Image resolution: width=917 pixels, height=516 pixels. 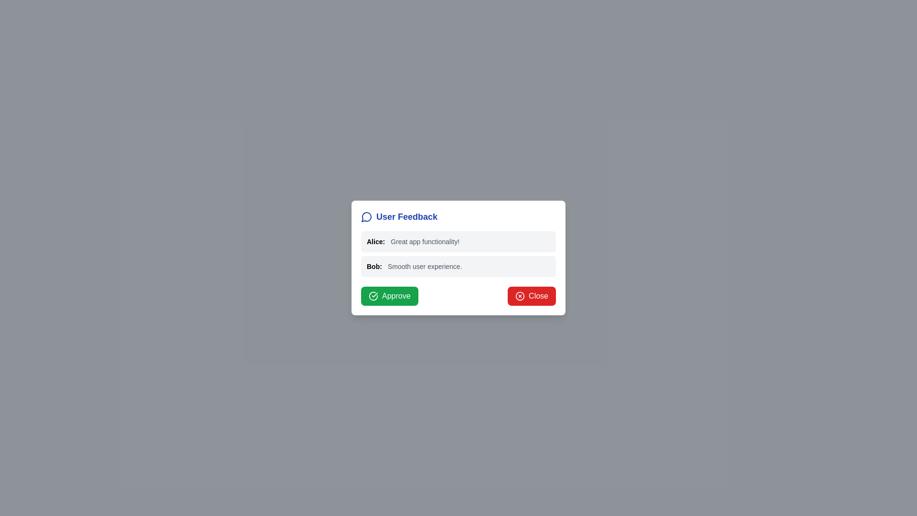 What do you see at coordinates (531, 296) in the screenshot?
I see `the 'Close' button to dismiss the dialog` at bounding box center [531, 296].